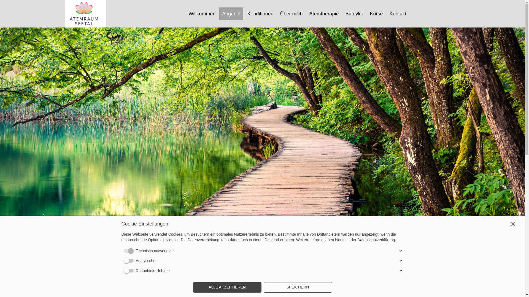 The image size is (529, 297). I want to click on 'Konditionen', so click(260, 13).